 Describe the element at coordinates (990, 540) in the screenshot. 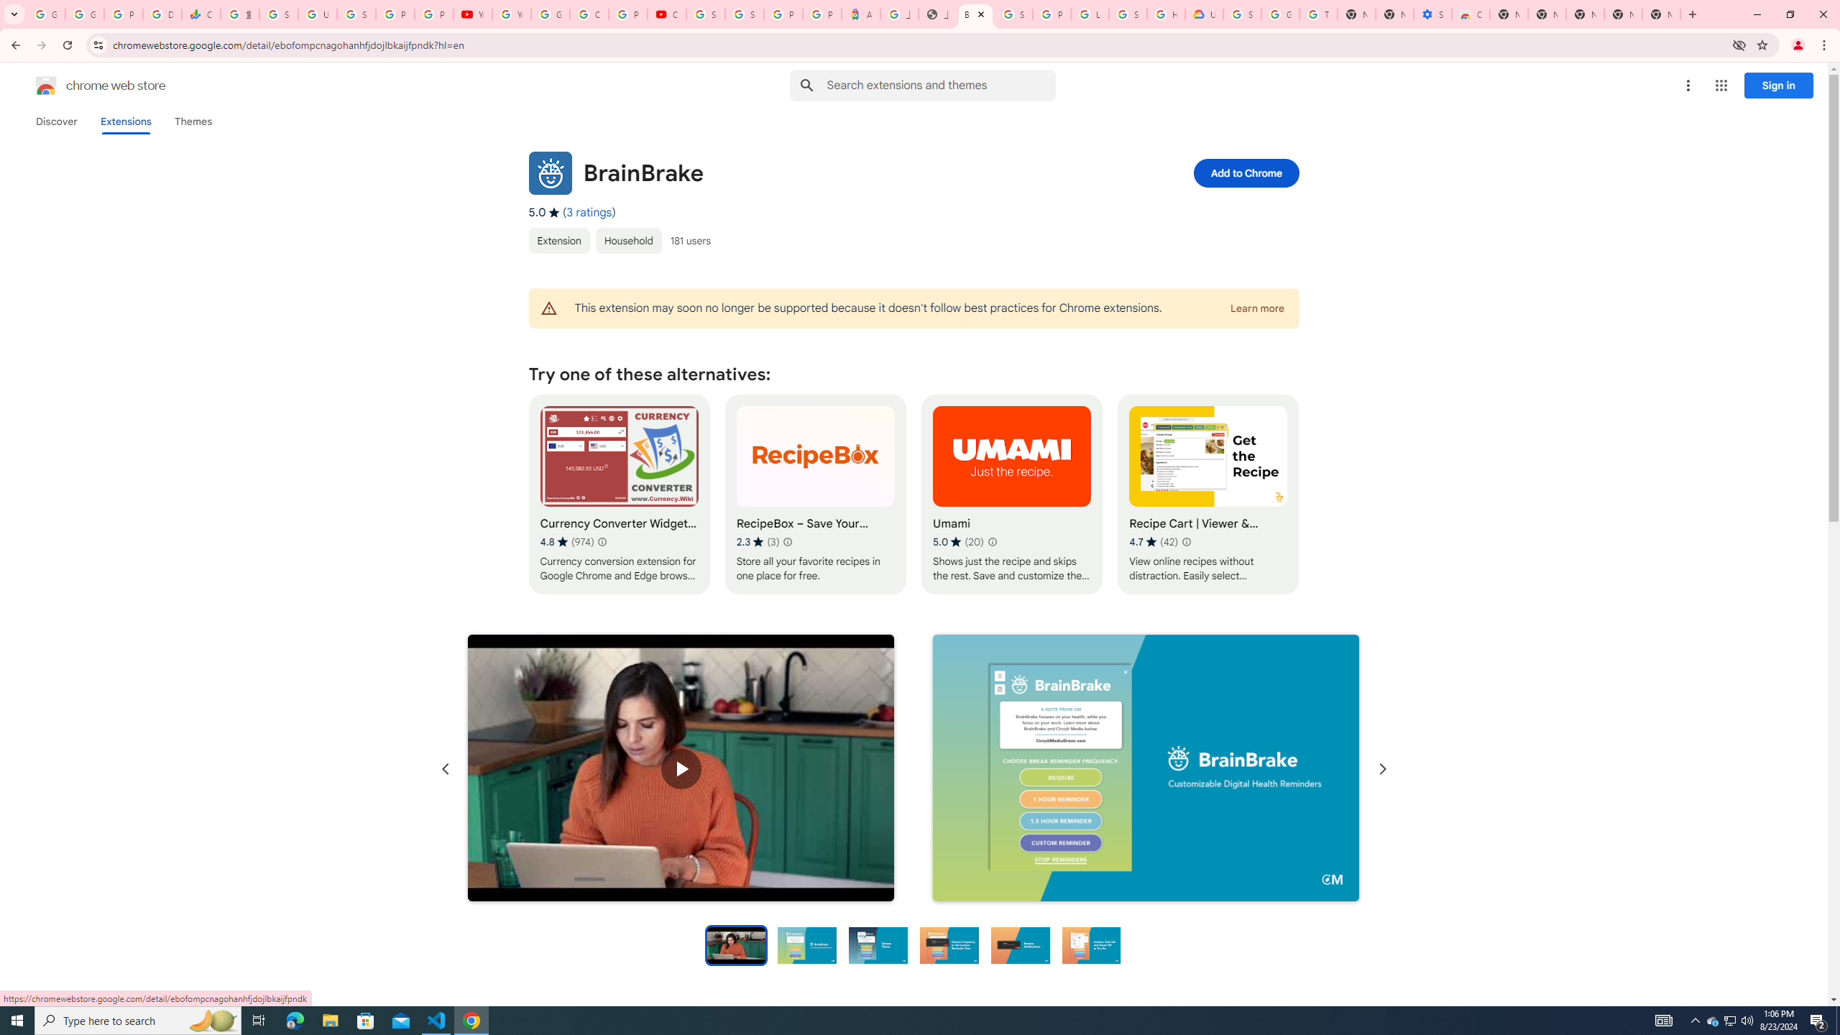

I see `'Learn more about results and reviews "Umami"'` at that location.